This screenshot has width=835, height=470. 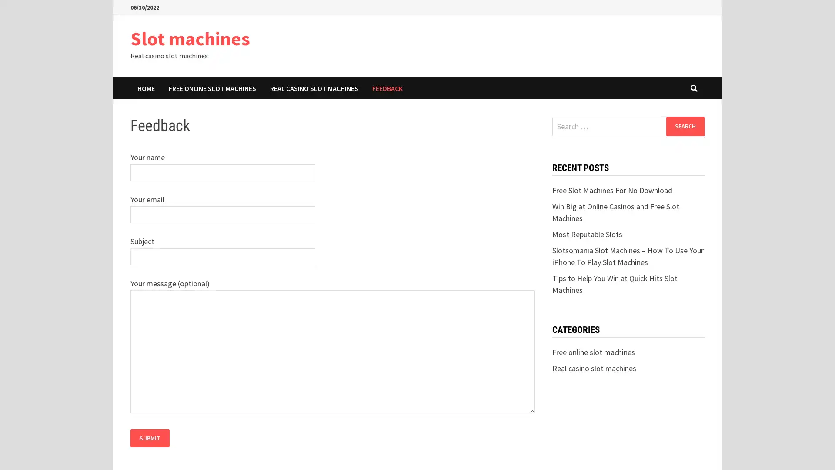 I want to click on Search, so click(x=685, y=126).